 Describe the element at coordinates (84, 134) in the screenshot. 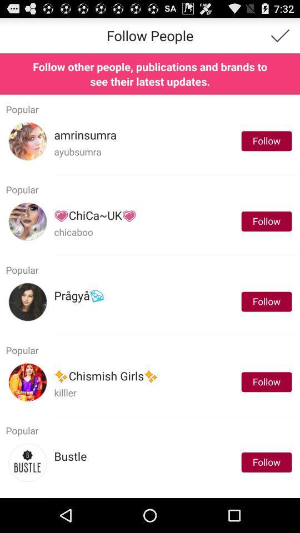

I see `the icon above the ayubsumra icon` at that location.